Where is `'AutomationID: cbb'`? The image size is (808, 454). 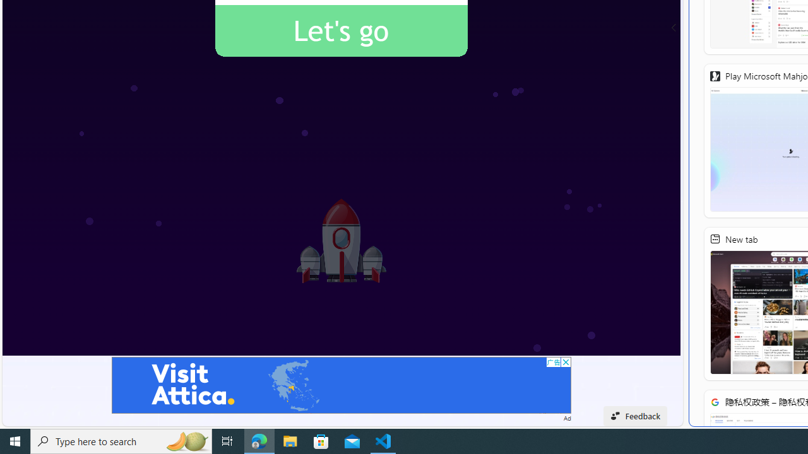
'AutomationID: cbb' is located at coordinates (565, 362).